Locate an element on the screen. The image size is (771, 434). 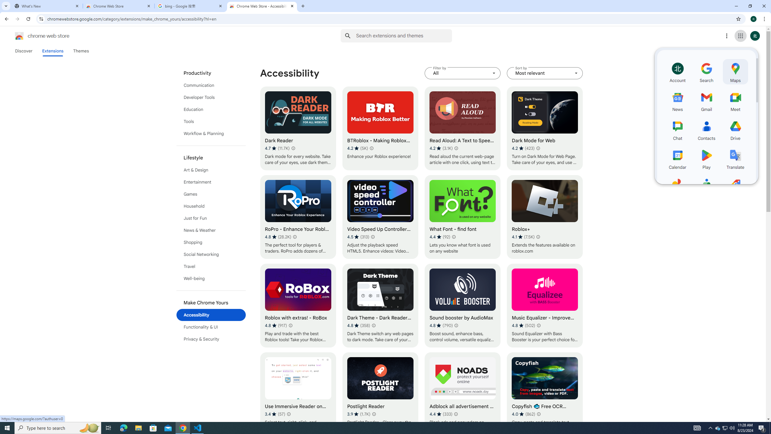
'Entertainment' is located at coordinates (211, 182).